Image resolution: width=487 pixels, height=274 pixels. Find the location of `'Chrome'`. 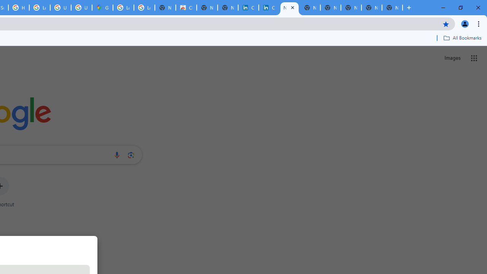

'Chrome' is located at coordinates (479, 23).